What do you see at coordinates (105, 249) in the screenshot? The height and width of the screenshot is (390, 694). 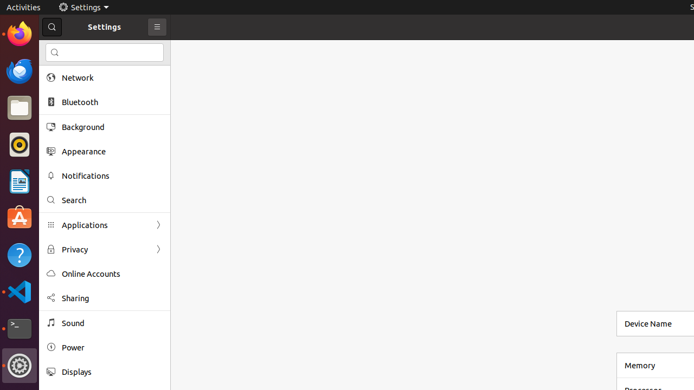 I see `'Privacy'` at bounding box center [105, 249].